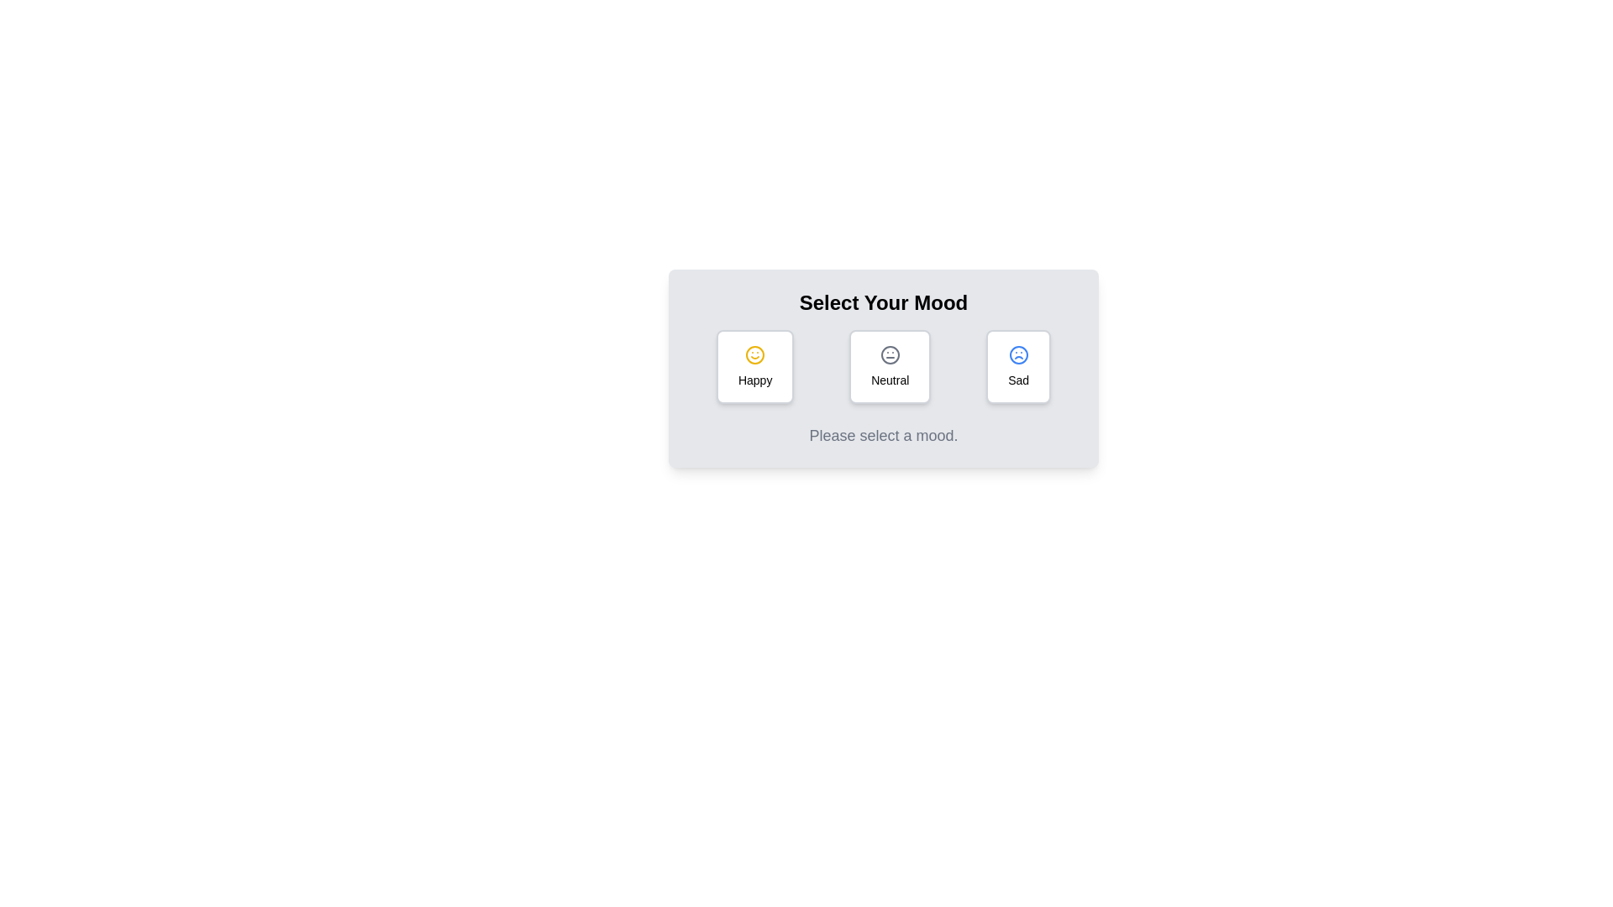  Describe the element at coordinates (754, 365) in the screenshot. I see `the 'Happy' button, which is a rectangular button with rounded corners, featuring a smiling yellow face icon and the text 'Happy' below it, located to the left of 'Neutral' and 'Sad' buttons` at that location.